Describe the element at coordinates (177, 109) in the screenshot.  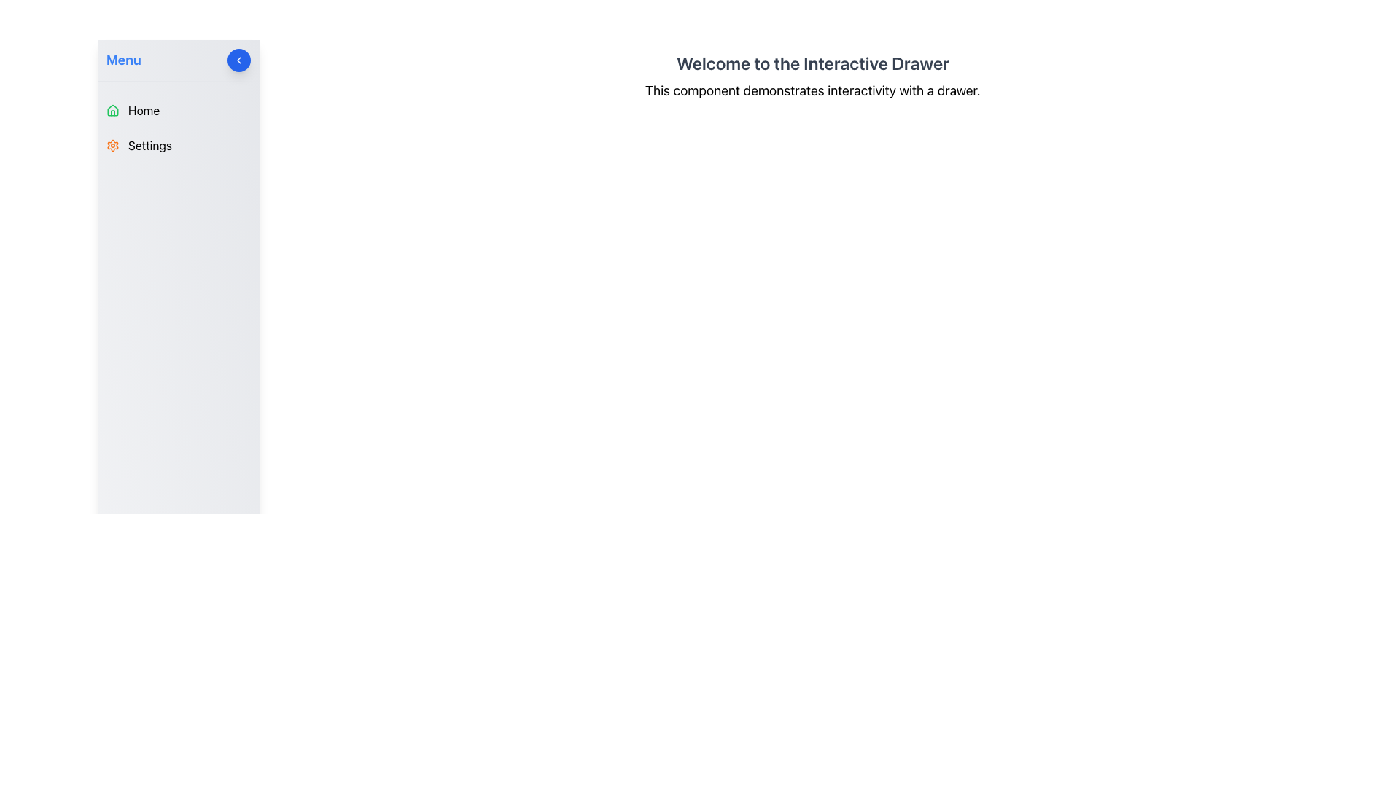
I see `the 'Home' navigation item in the vertical menu on the left side of the interface` at that location.